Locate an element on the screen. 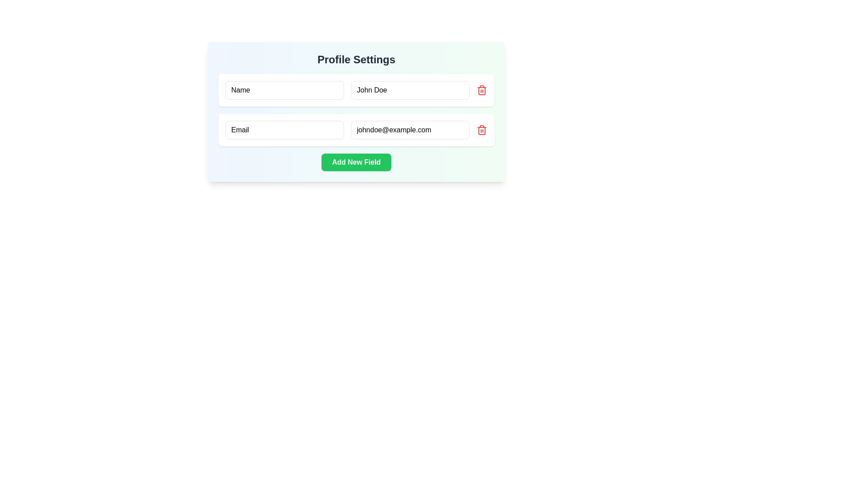 The height and width of the screenshot is (478, 849). the Text Input Field for email entry, which allows users is located at coordinates (409, 130).